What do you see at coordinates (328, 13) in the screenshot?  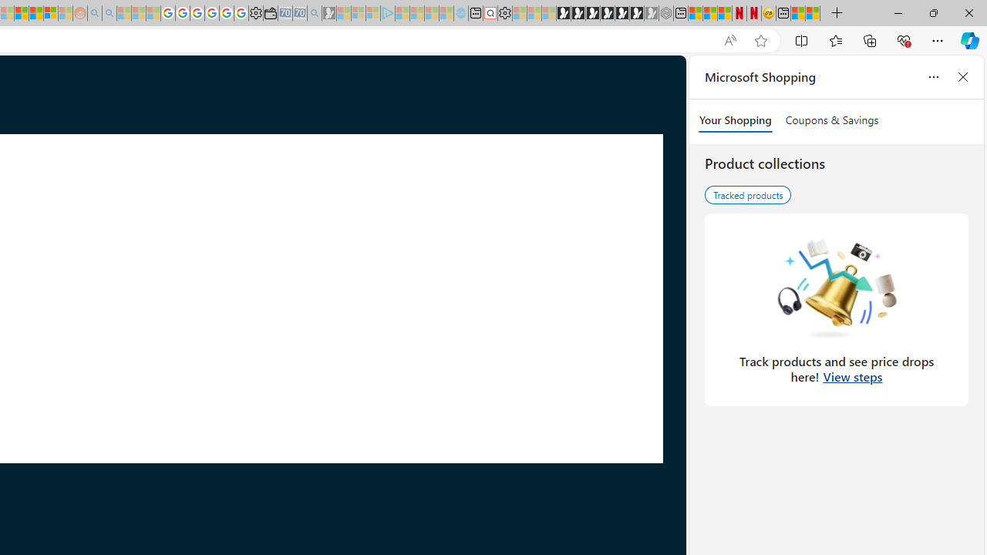 I see `'Microsoft Start Gaming - Sleeping'` at bounding box center [328, 13].